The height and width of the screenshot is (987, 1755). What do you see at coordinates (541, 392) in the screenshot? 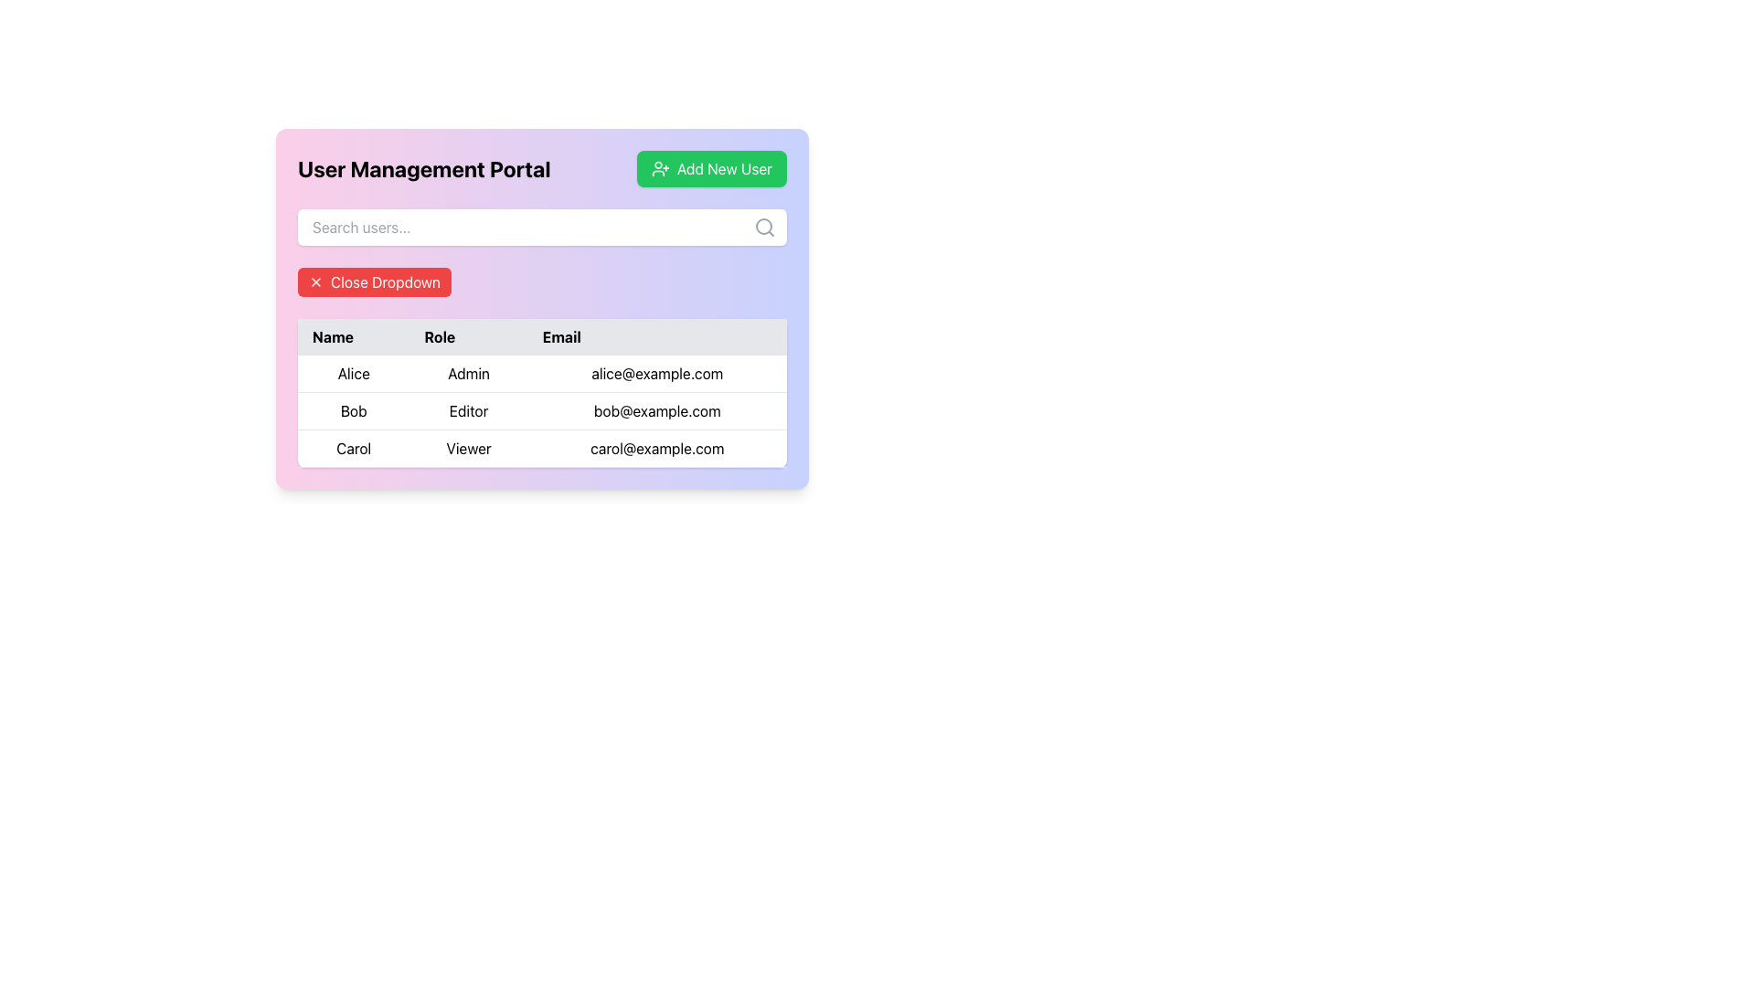
I see `a row in the Data Table` at bounding box center [541, 392].